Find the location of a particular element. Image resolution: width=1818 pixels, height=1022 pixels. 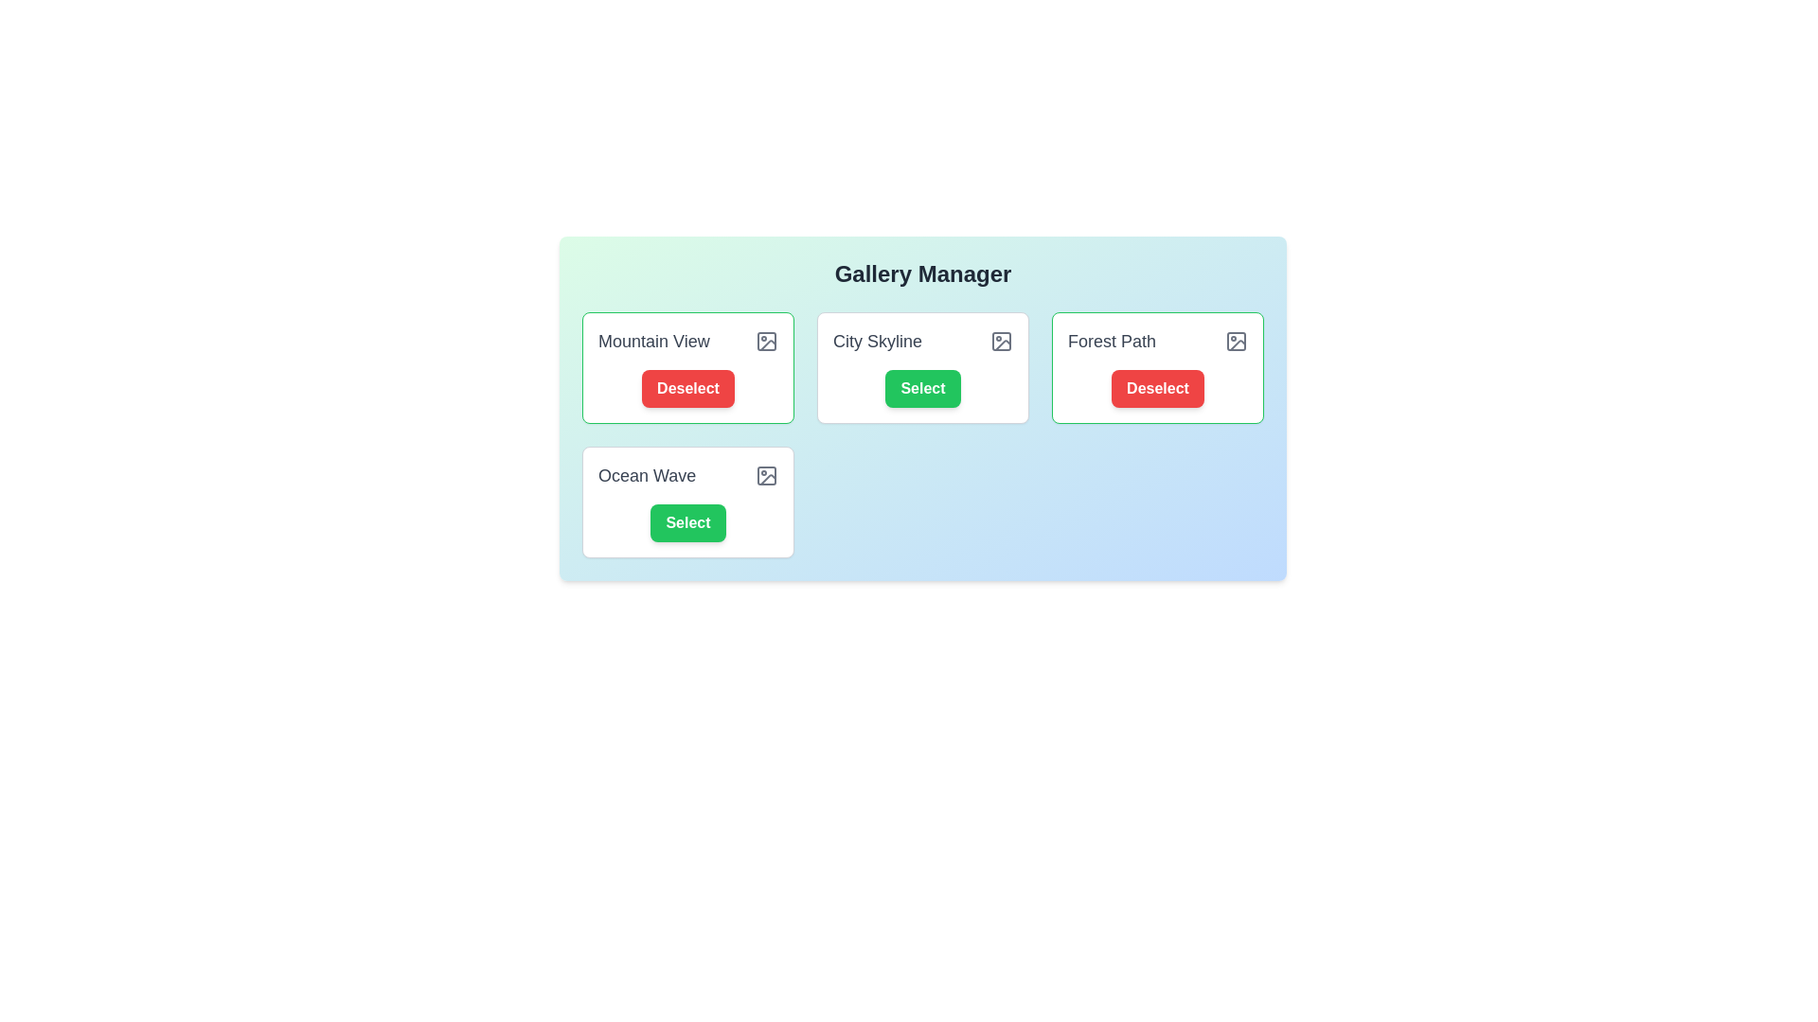

the photo card labeled 'Forest Path' to observe its hover effect is located at coordinates (1157, 368).